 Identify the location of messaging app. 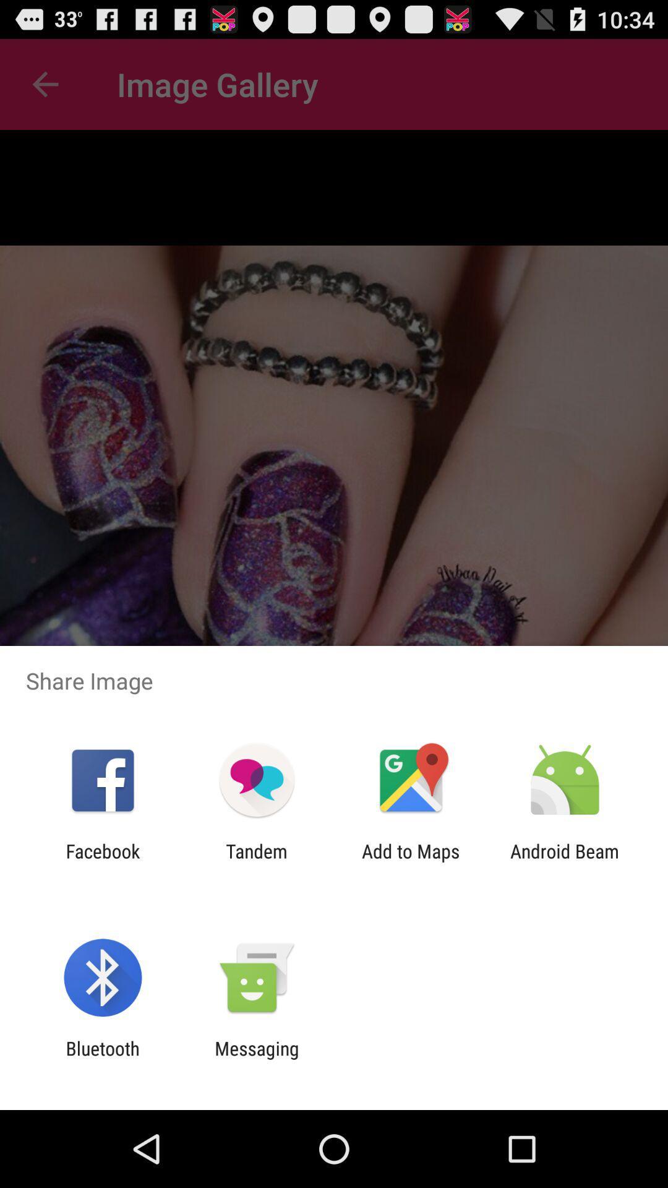
(256, 1059).